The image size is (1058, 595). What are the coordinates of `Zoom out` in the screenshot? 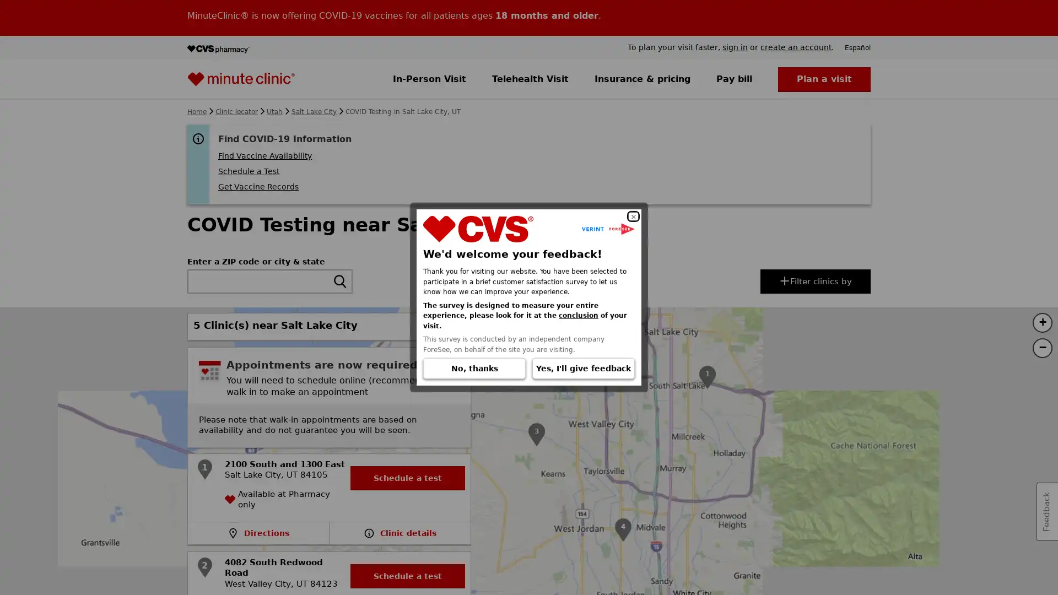 It's located at (1041, 348).